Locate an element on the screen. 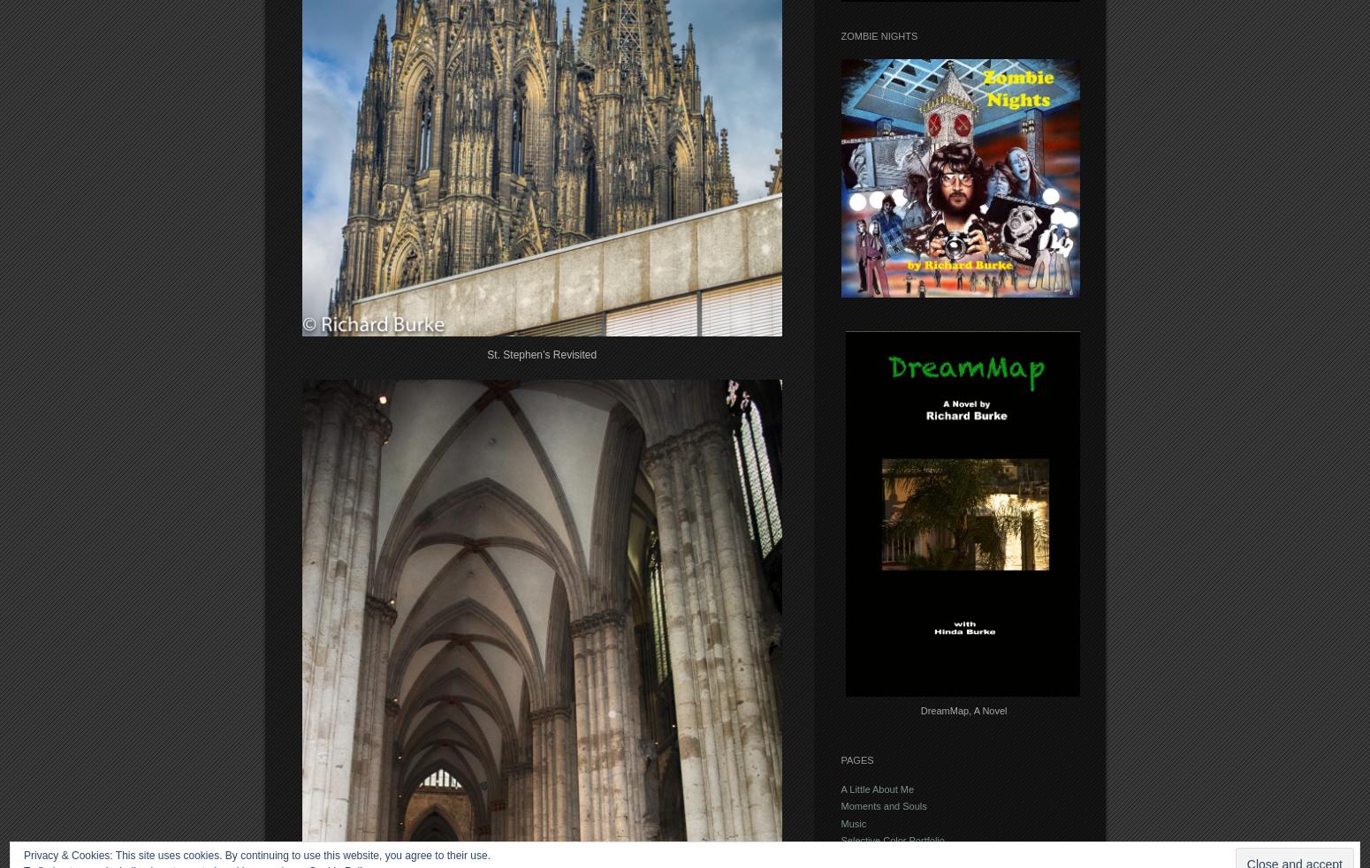 The width and height of the screenshot is (1370, 868). 'Music' is located at coordinates (839, 822).